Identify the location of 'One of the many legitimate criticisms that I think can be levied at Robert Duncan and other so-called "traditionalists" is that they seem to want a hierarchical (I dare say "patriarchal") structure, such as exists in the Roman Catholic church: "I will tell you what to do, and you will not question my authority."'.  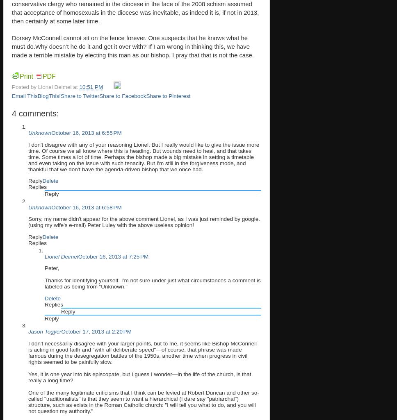
(144, 401).